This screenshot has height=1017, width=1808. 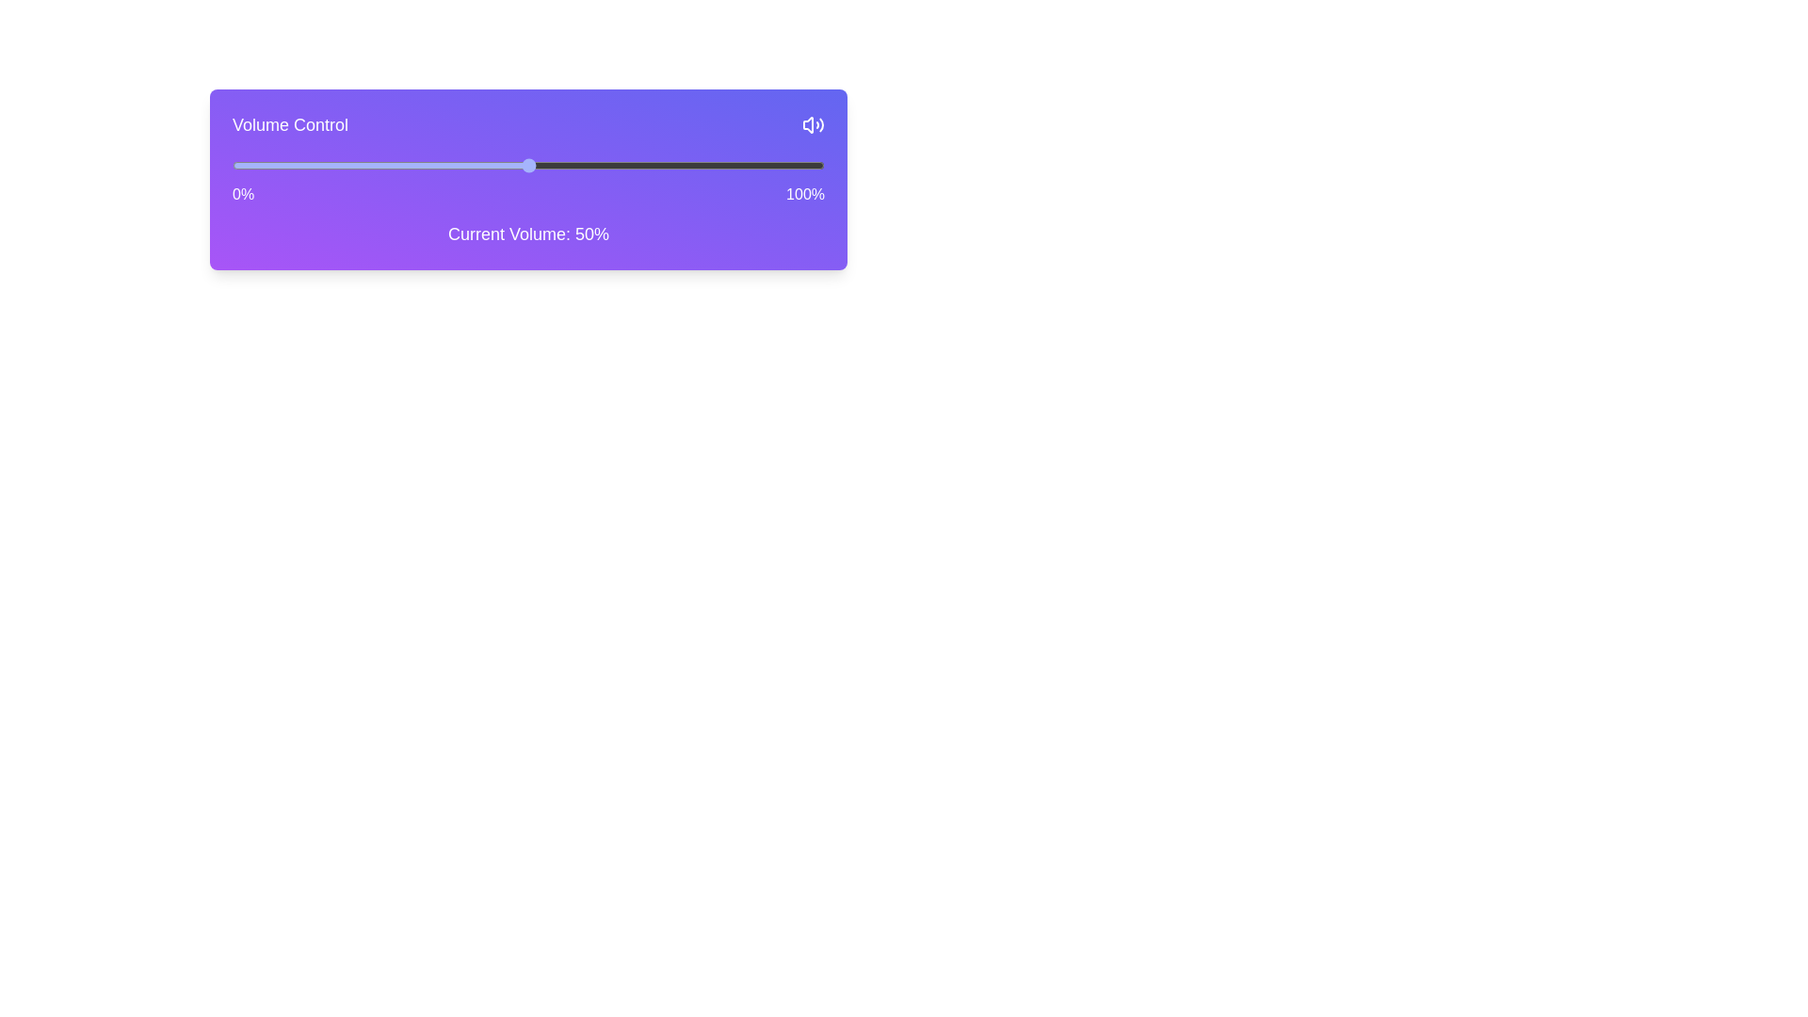 I want to click on the rightmost arc-shaped wave line component of the sound wave pattern within the speaker icon, so click(x=821, y=124).